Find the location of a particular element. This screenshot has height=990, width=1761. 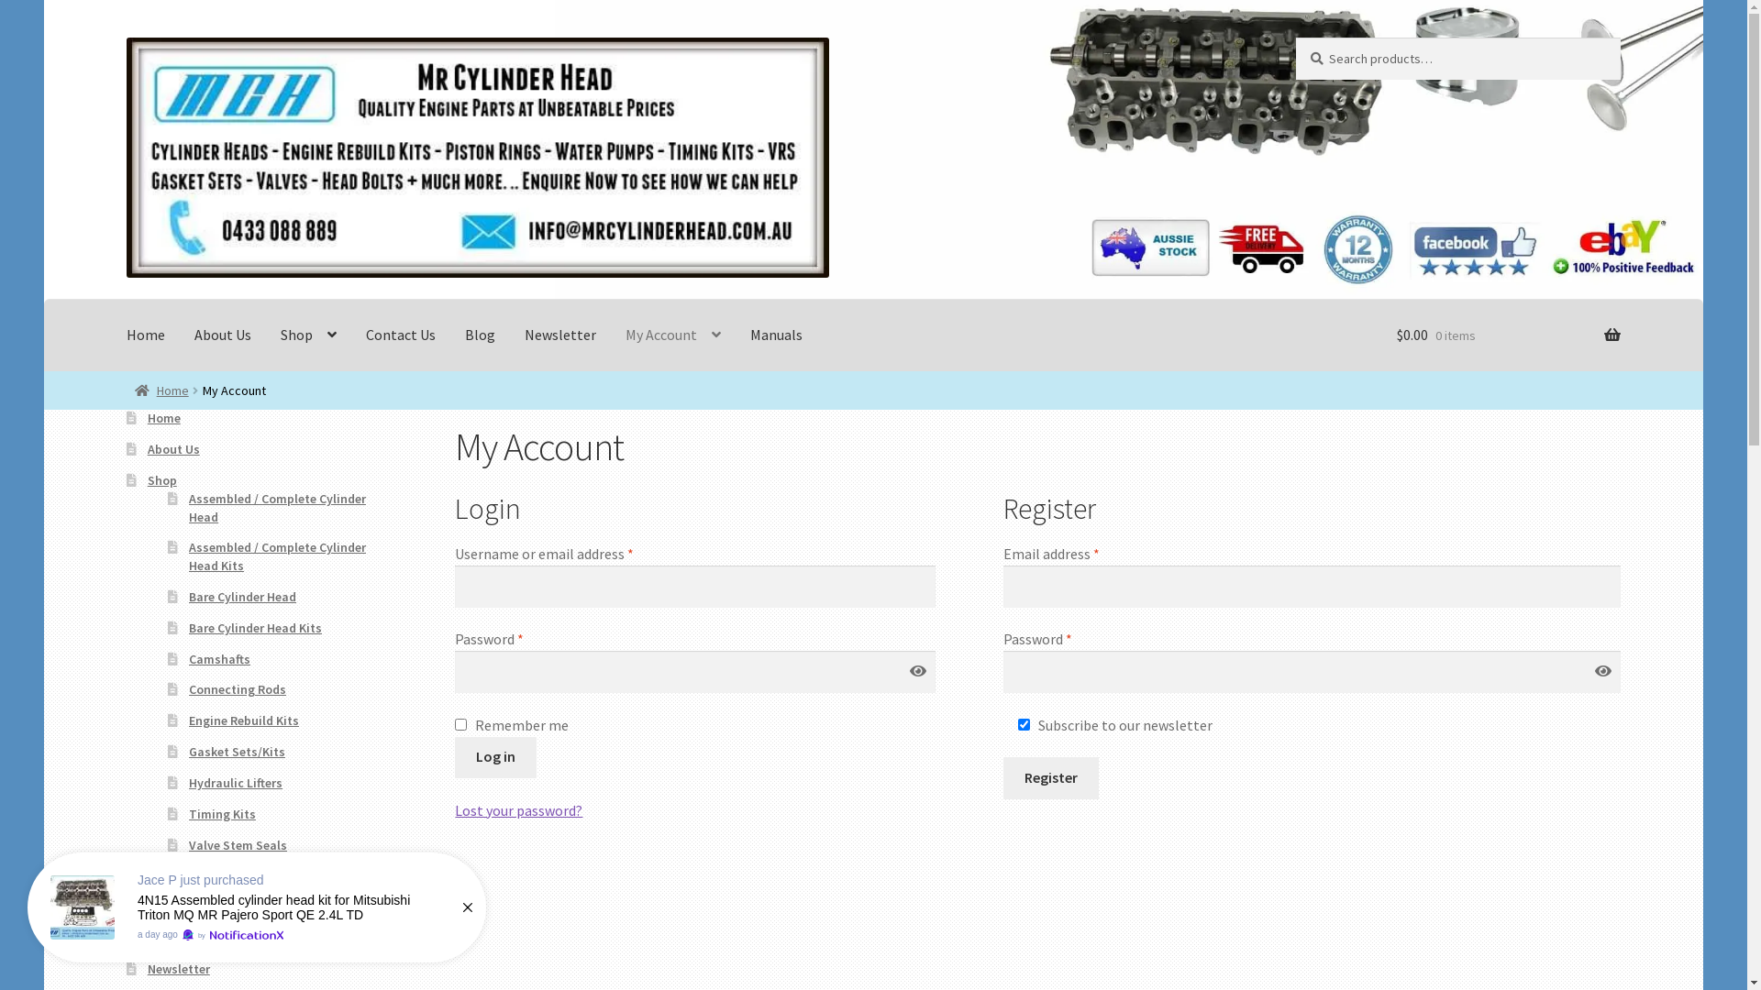

'Home' is located at coordinates (161, 389).